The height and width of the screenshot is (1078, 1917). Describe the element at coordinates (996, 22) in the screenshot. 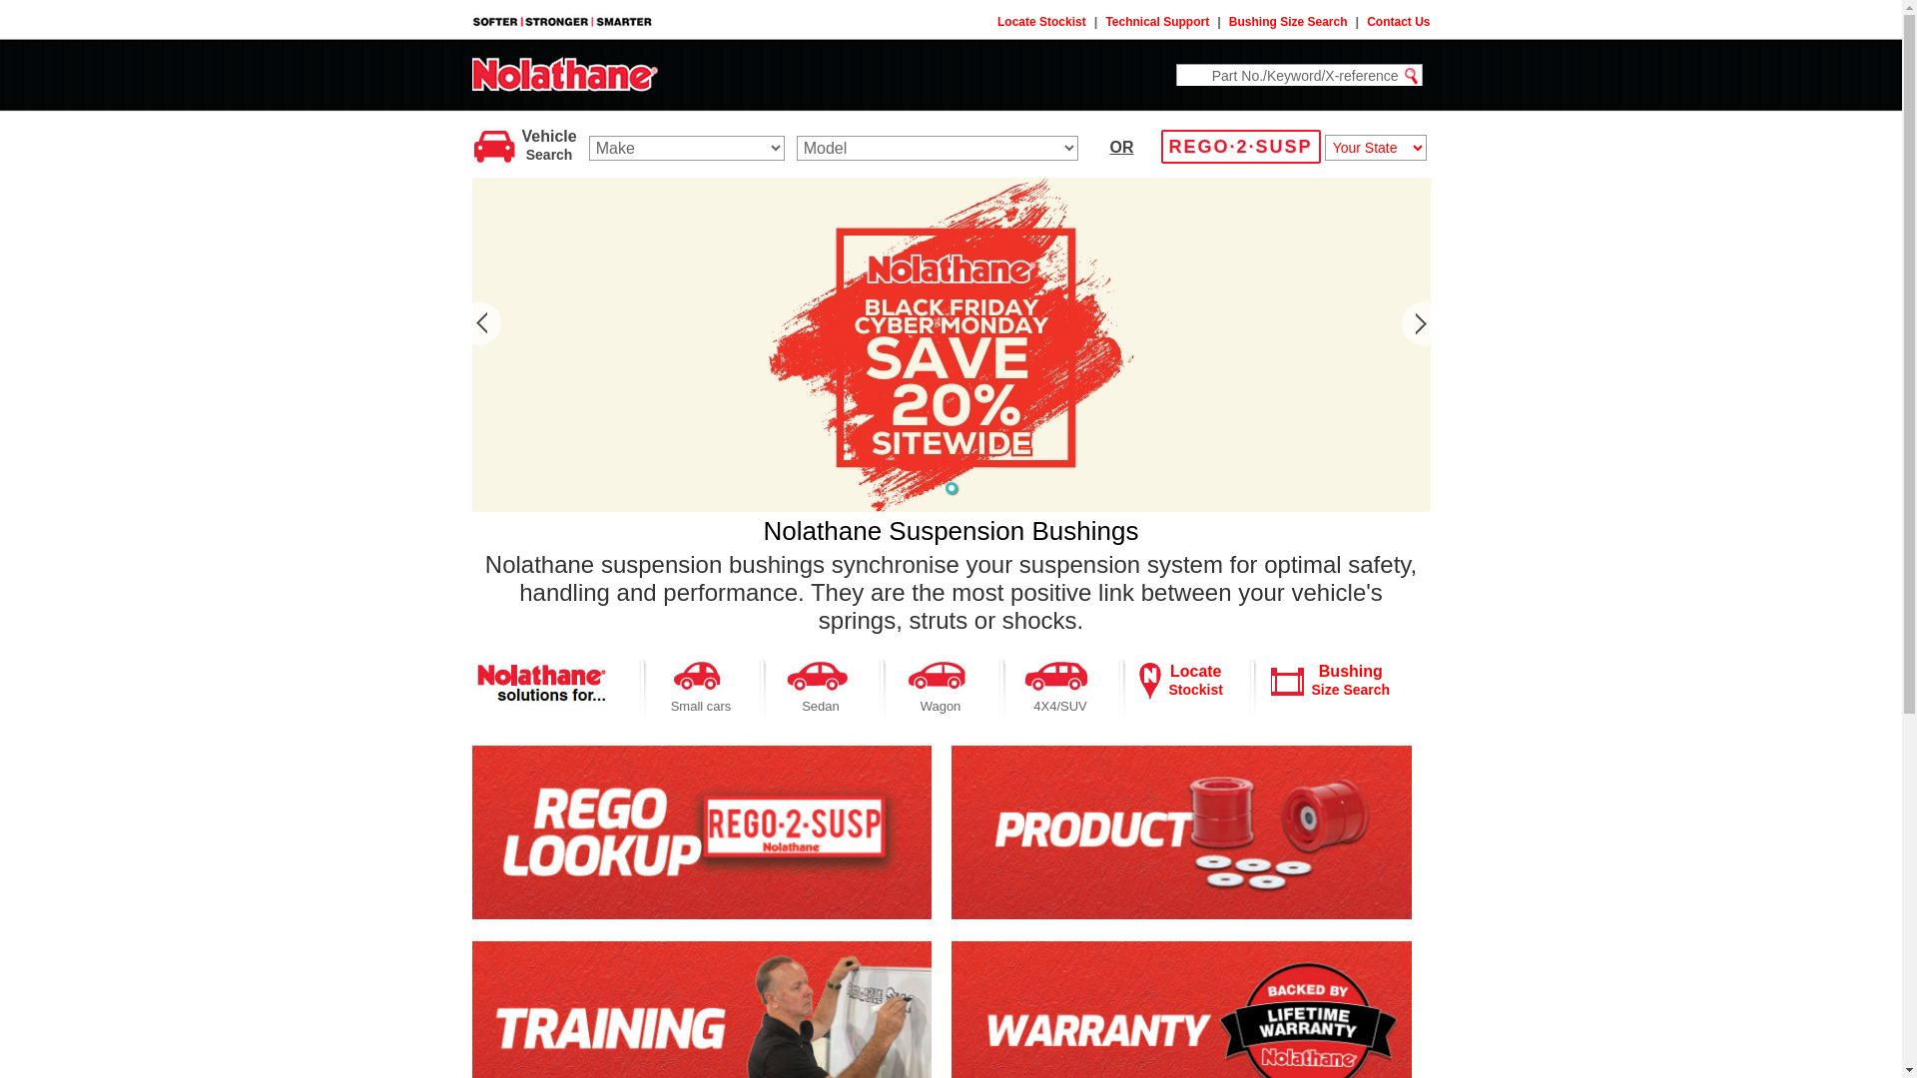

I see `'Locate Stockist'` at that location.